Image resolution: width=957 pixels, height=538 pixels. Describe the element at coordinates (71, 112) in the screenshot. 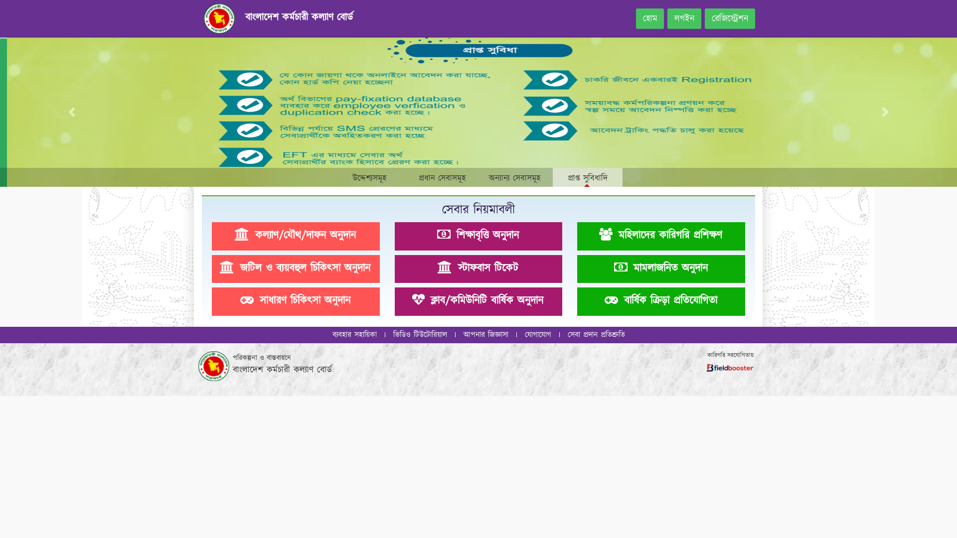

I see `'Previous'` at that location.